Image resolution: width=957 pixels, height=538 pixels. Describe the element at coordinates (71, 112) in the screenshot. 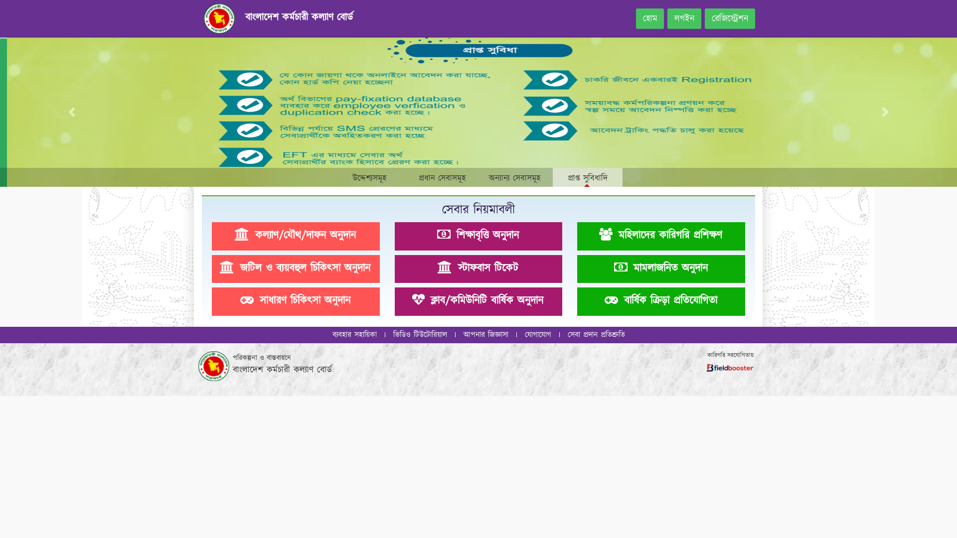

I see `'Previous'` at that location.